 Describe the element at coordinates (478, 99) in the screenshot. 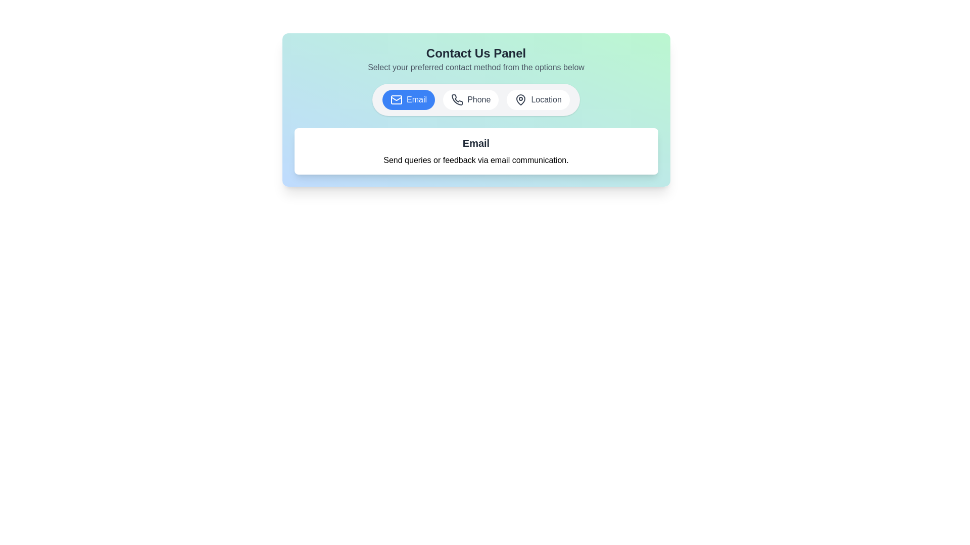

I see `the 'Phone' button text label for keyboard navigation within the 'Contact Us Panel' section` at that location.